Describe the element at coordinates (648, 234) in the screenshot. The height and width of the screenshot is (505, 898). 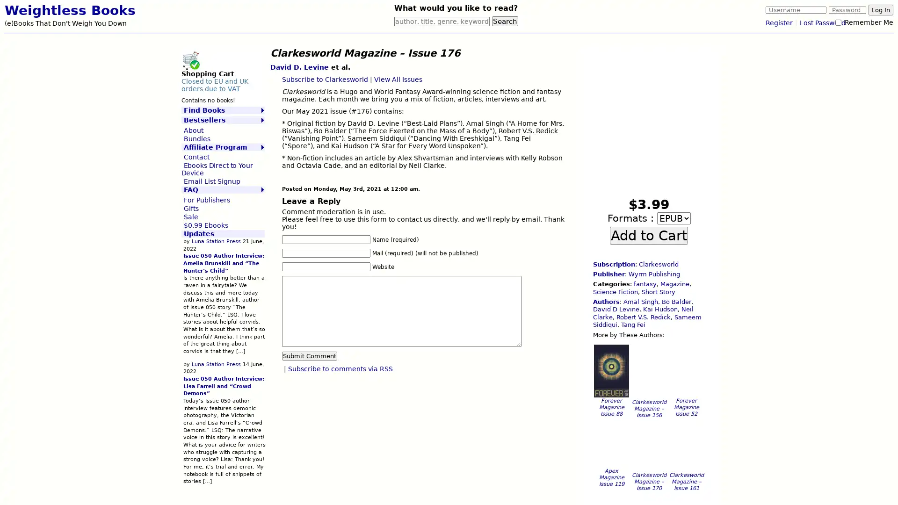
I see `Add to Cart` at that location.